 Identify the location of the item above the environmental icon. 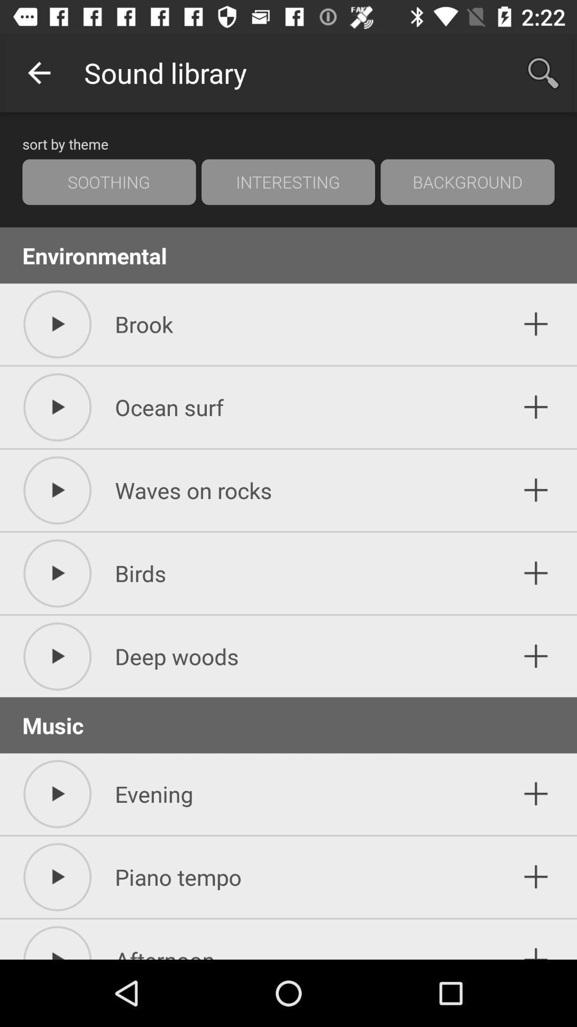
(467, 182).